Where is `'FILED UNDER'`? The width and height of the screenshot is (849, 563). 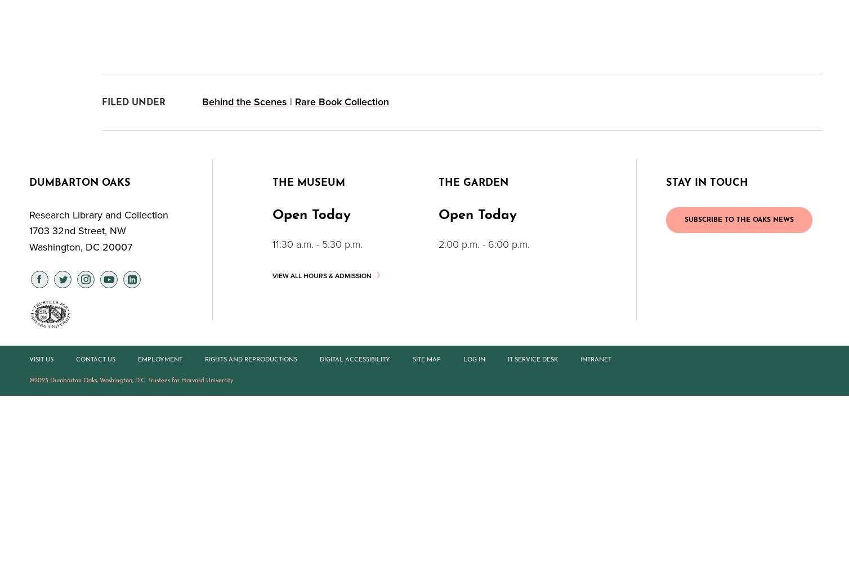
'FILED UNDER' is located at coordinates (133, 102).